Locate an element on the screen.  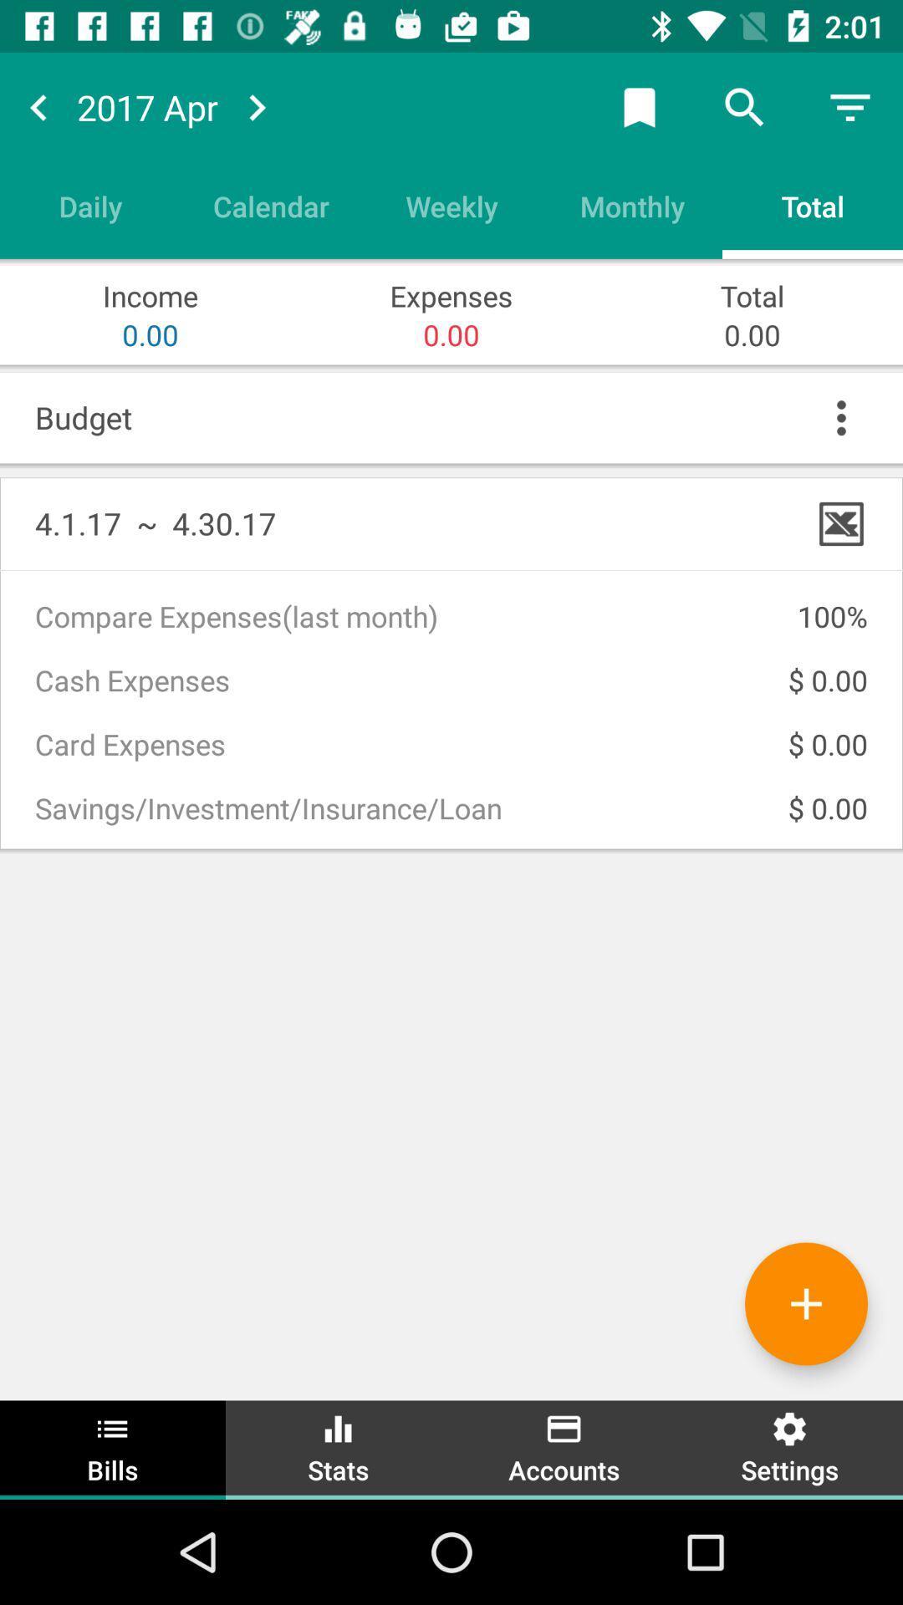
the add icon is located at coordinates (805, 1303).